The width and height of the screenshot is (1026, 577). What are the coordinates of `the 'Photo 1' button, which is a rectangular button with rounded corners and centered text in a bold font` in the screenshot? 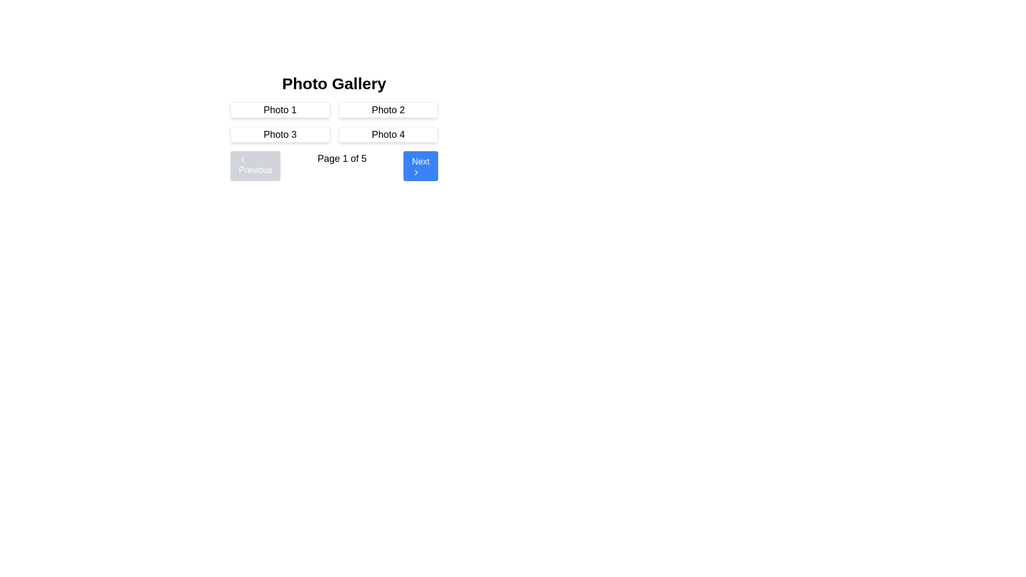 It's located at (280, 110).